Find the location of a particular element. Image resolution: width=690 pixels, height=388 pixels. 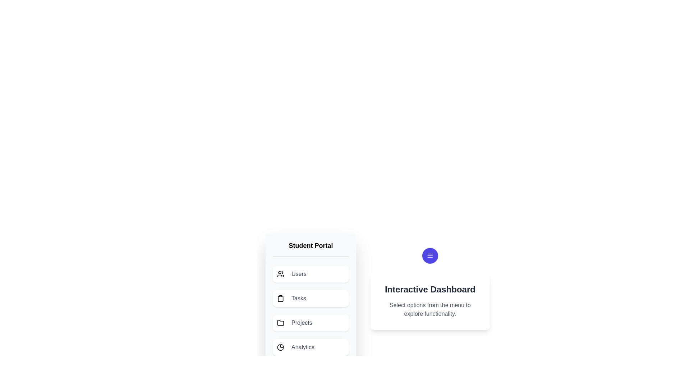

the menu item Tasks from the list is located at coordinates (310, 298).